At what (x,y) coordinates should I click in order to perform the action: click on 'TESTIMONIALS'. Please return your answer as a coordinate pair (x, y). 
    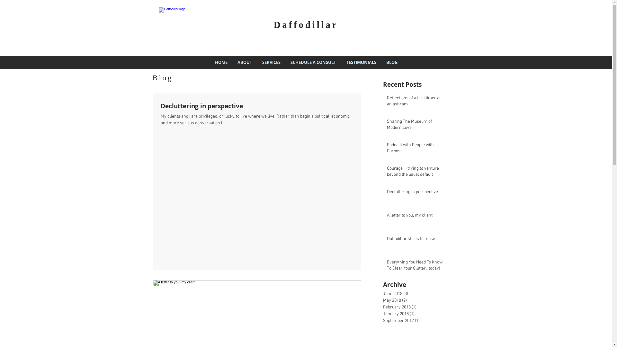
    Looking at the image, I should click on (361, 62).